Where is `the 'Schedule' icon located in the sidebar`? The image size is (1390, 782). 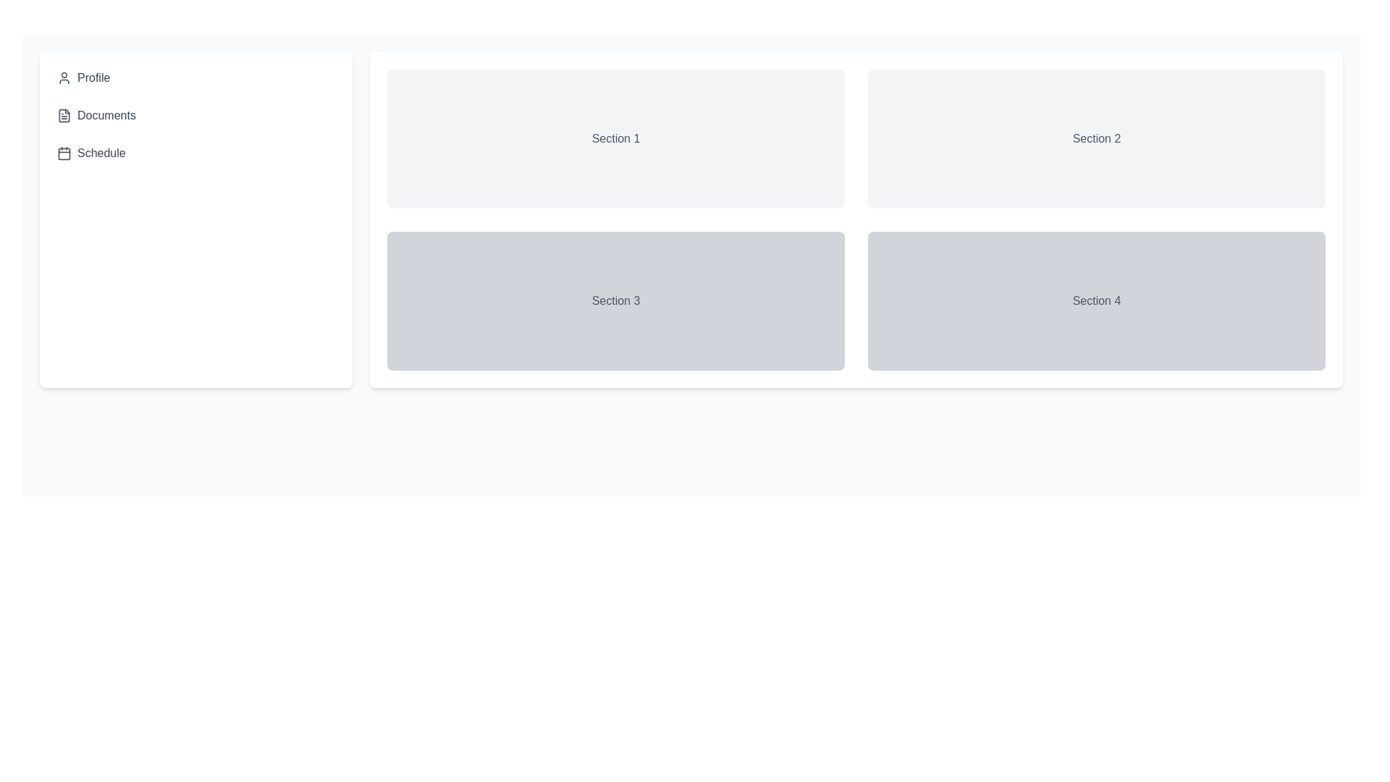 the 'Schedule' icon located in the sidebar is located at coordinates (64, 154).